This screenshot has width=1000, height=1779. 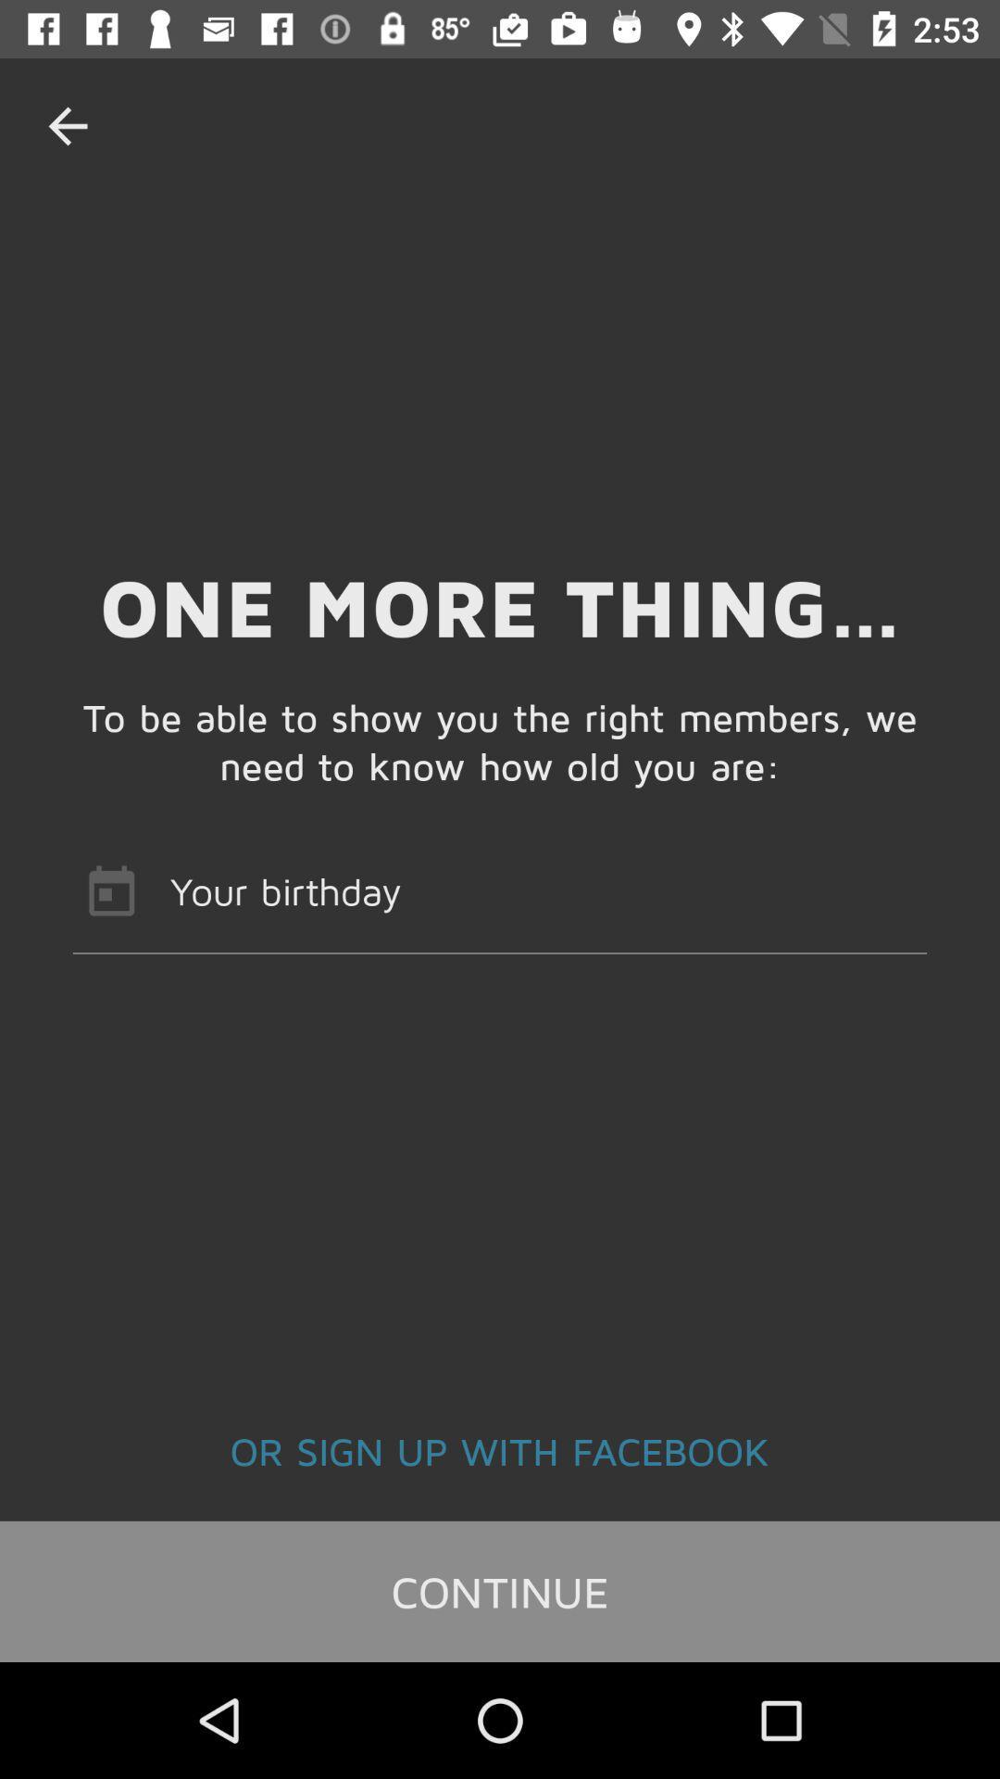 I want to click on item at the top left corner, so click(x=67, y=125).